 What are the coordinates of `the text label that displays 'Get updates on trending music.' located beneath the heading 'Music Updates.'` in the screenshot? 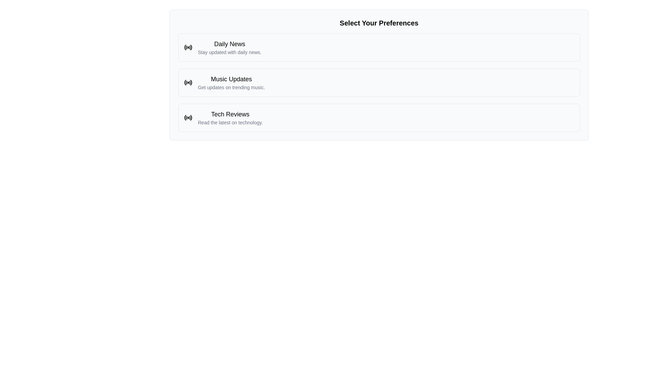 It's located at (231, 87).